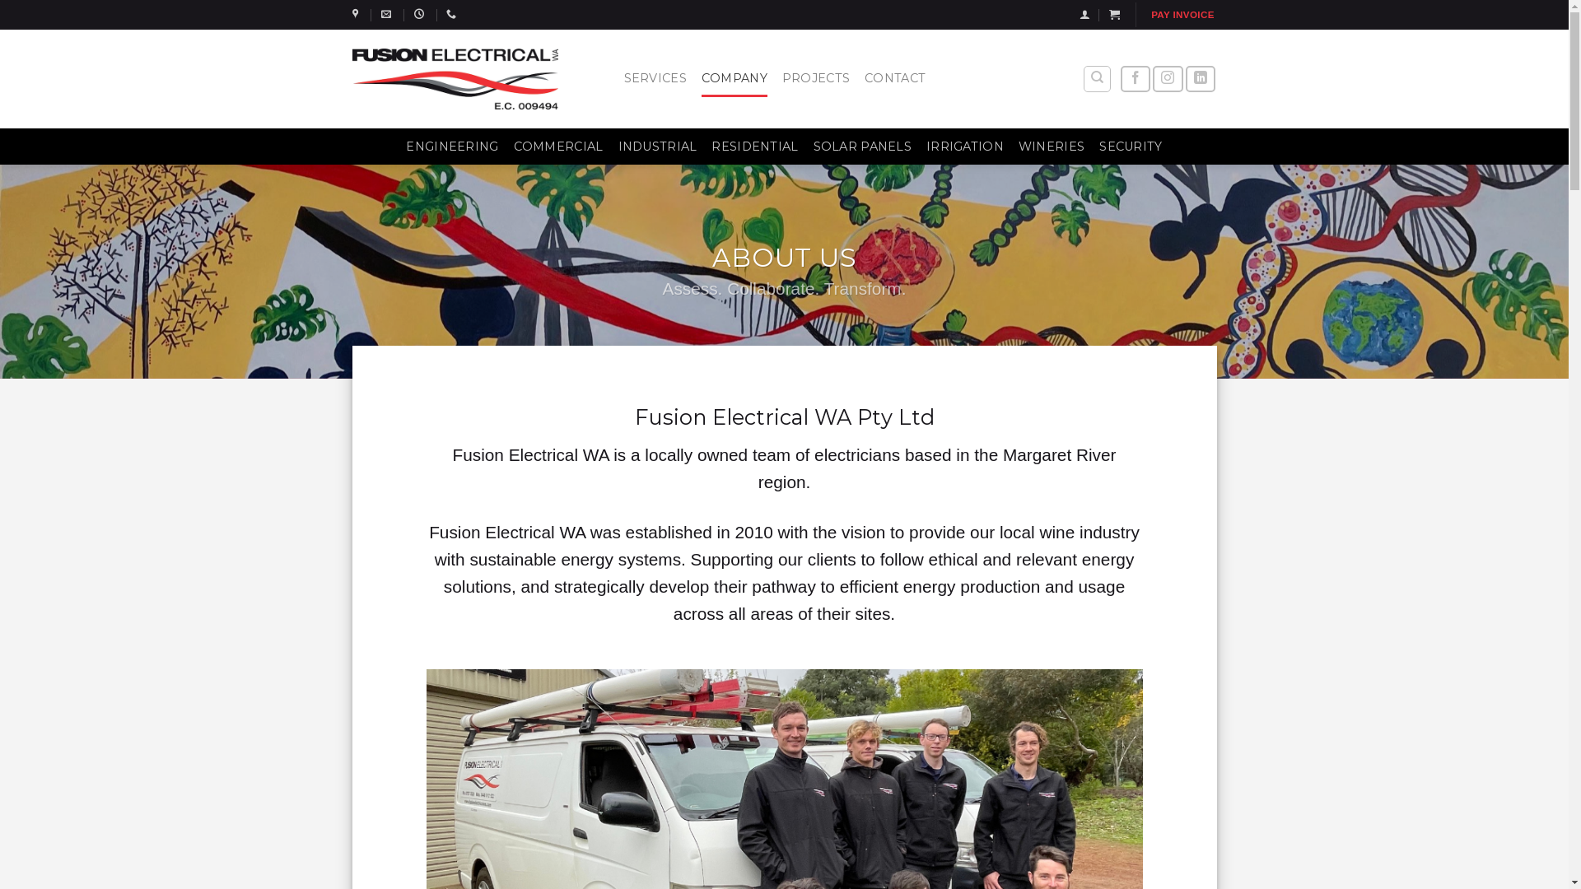 The image size is (1581, 889). Describe the element at coordinates (861, 145) in the screenshot. I see `'SOLAR PANELS'` at that location.